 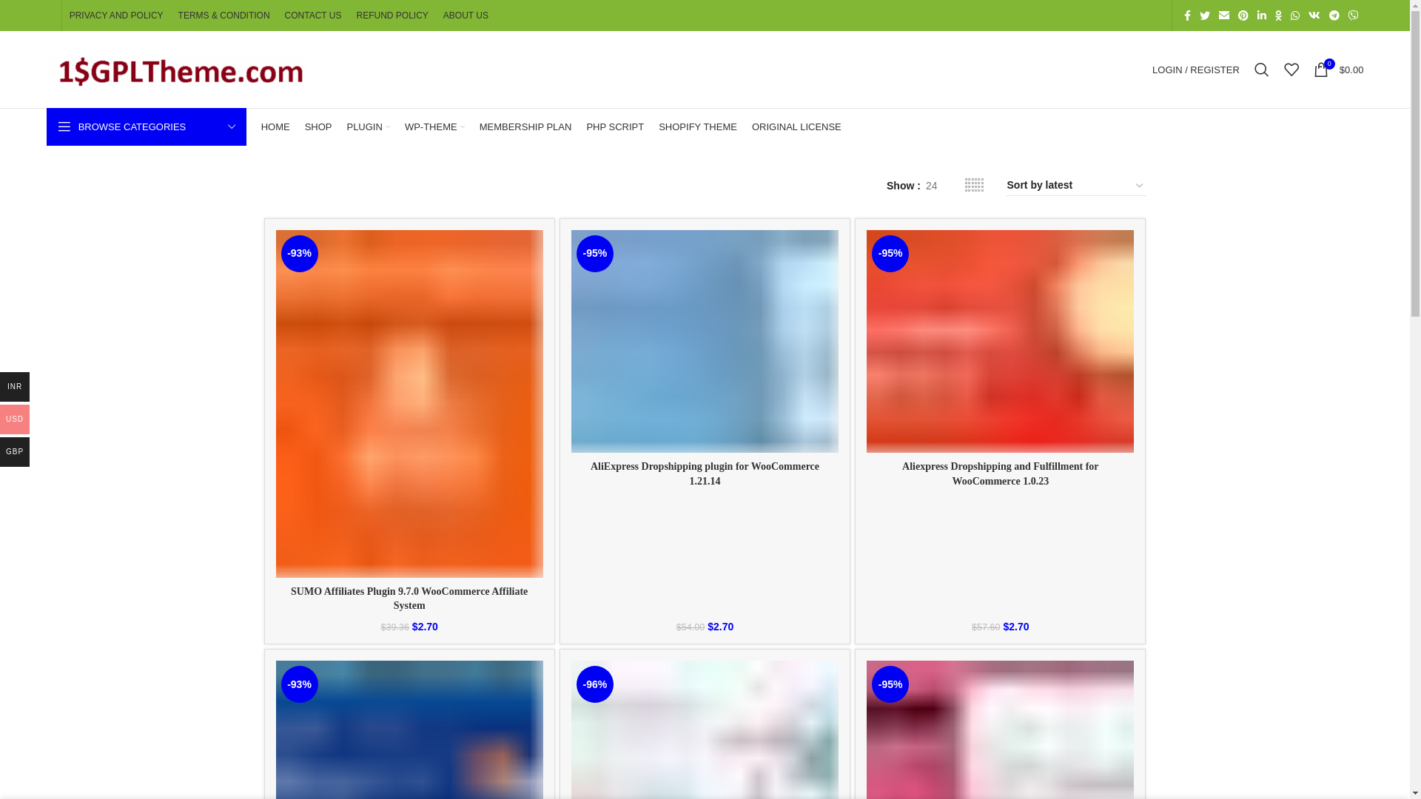 I want to click on 'LOGIN / REGISTER', so click(x=1196, y=69).